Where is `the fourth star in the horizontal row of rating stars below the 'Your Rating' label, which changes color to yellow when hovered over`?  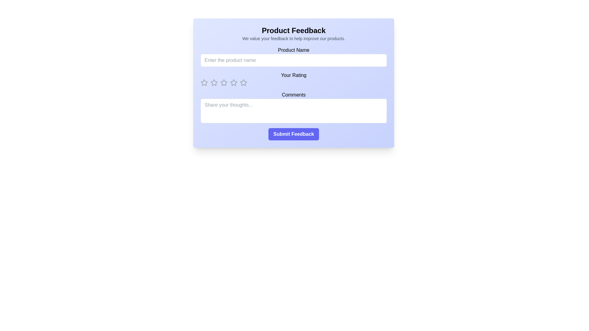
the fourth star in the horizontal row of rating stars below the 'Your Rating' label, which changes color to yellow when hovered over is located at coordinates (223, 83).